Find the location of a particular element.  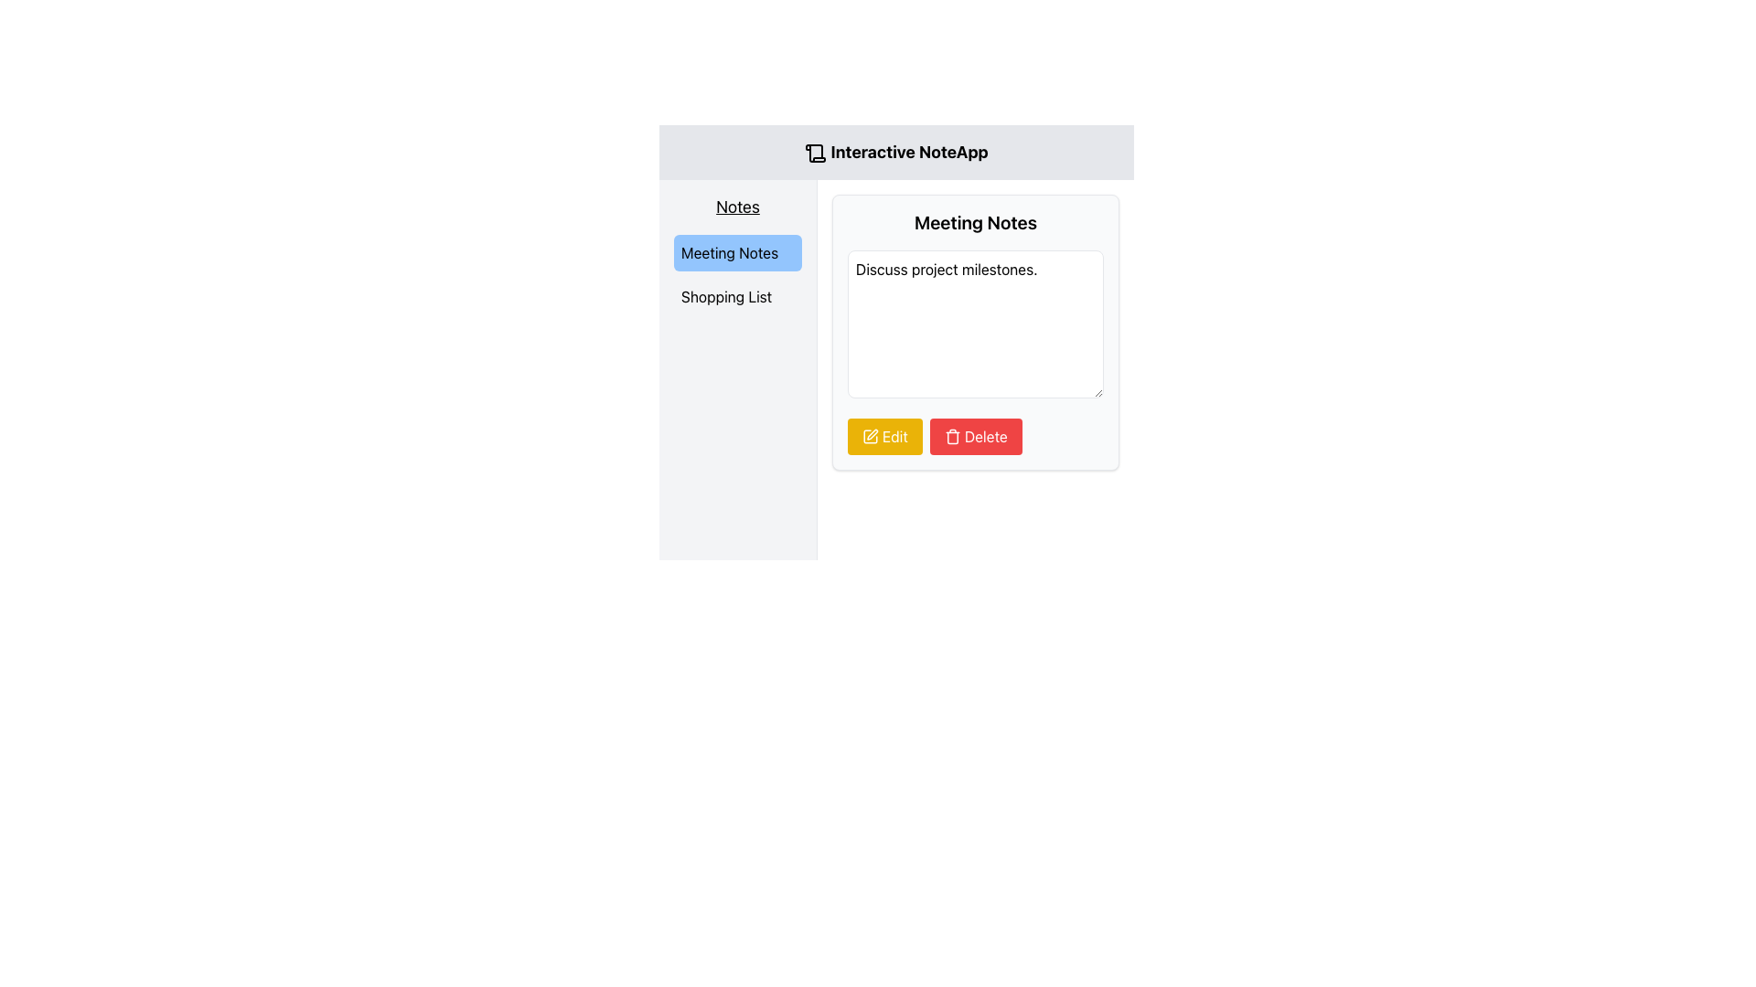

to select the 'Shopping List' note, which is the second item in the vertical list of notes located in the left sidebar of the application interface is located at coordinates (737, 295).